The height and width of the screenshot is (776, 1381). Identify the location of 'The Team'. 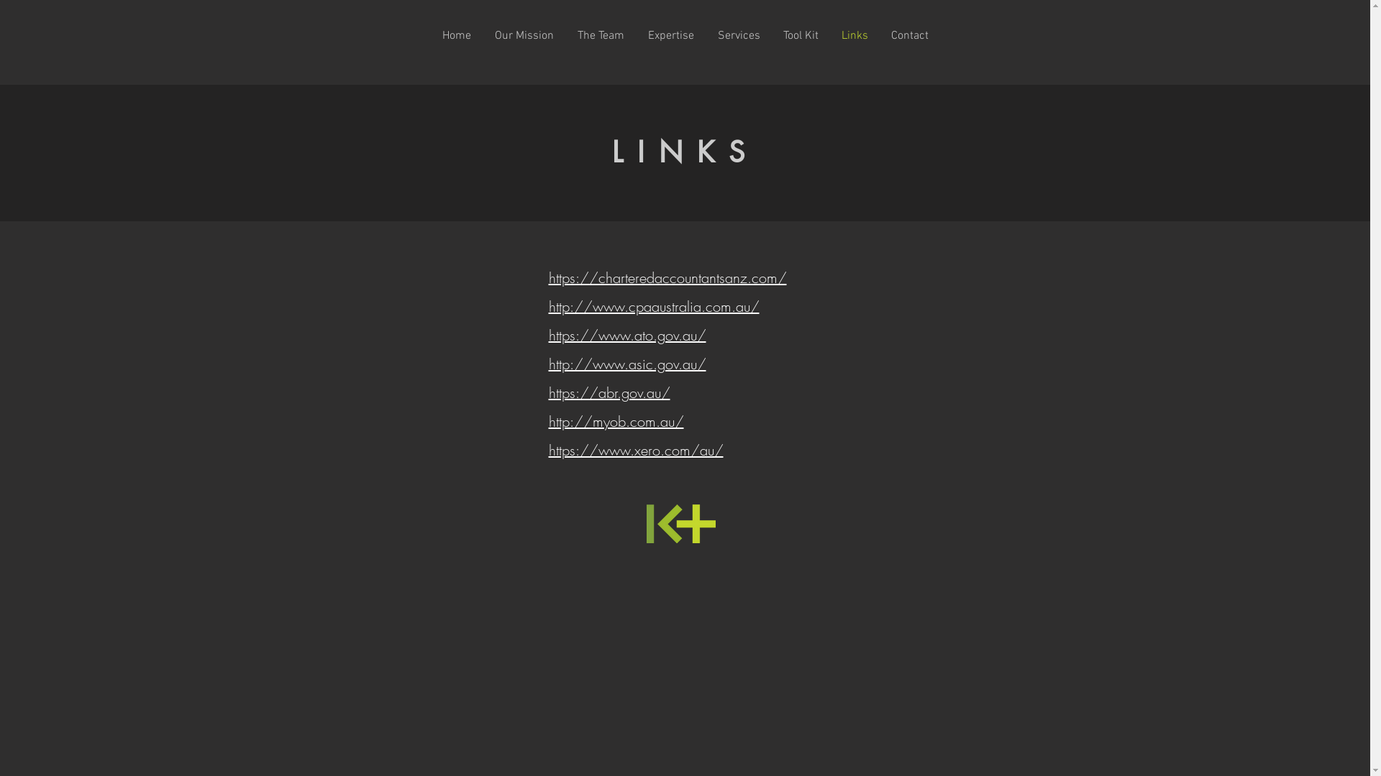
(601, 35).